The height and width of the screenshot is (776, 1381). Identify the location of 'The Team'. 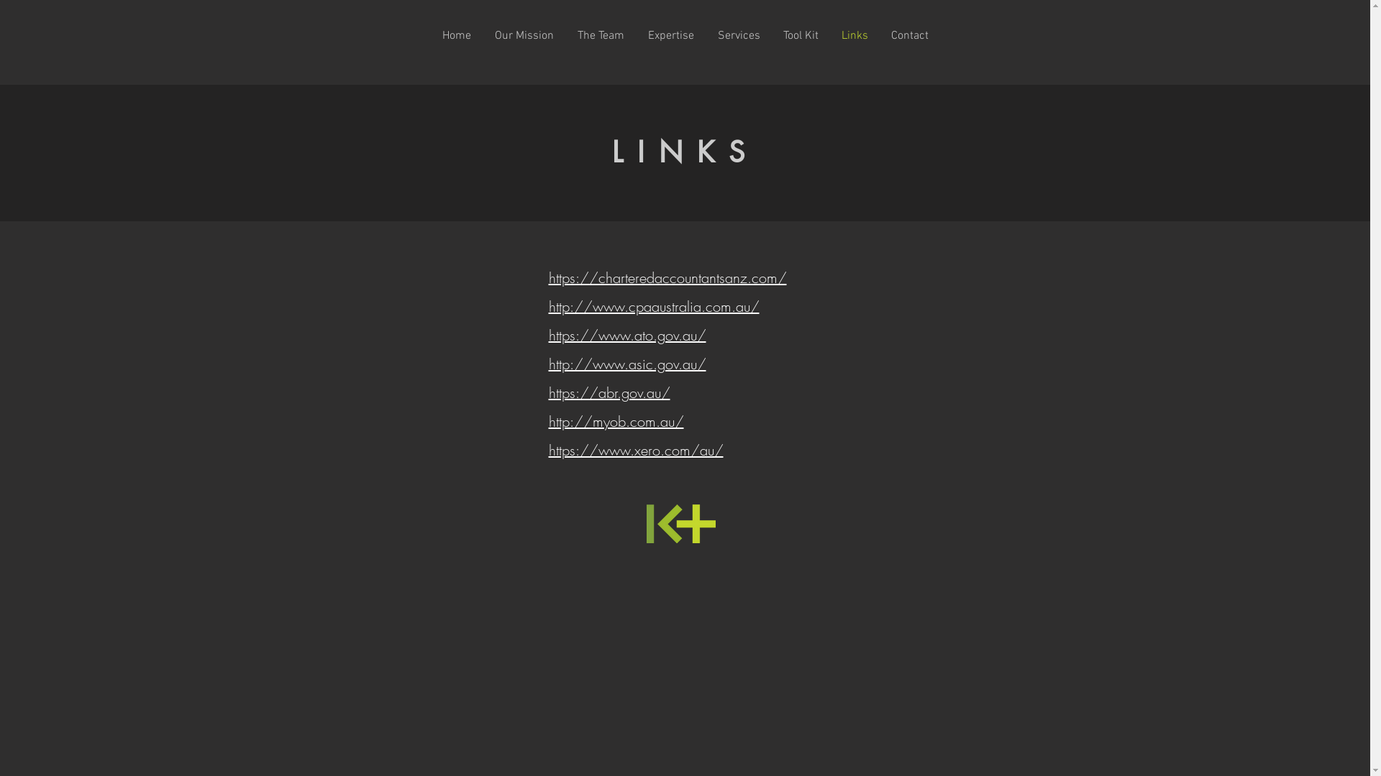
(601, 35).